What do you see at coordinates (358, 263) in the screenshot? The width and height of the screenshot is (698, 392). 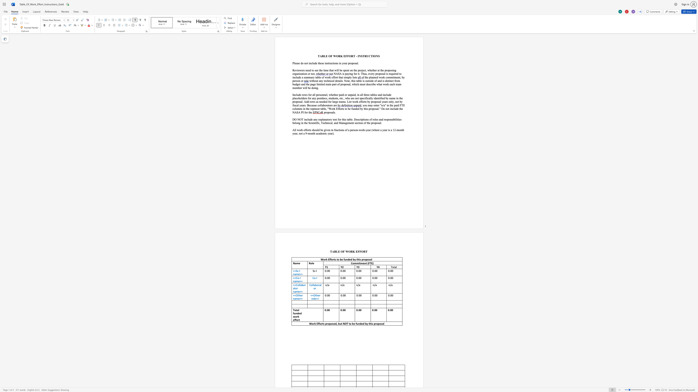 I see `the space between the continuous character "m" and "i" in the text` at bounding box center [358, 263].